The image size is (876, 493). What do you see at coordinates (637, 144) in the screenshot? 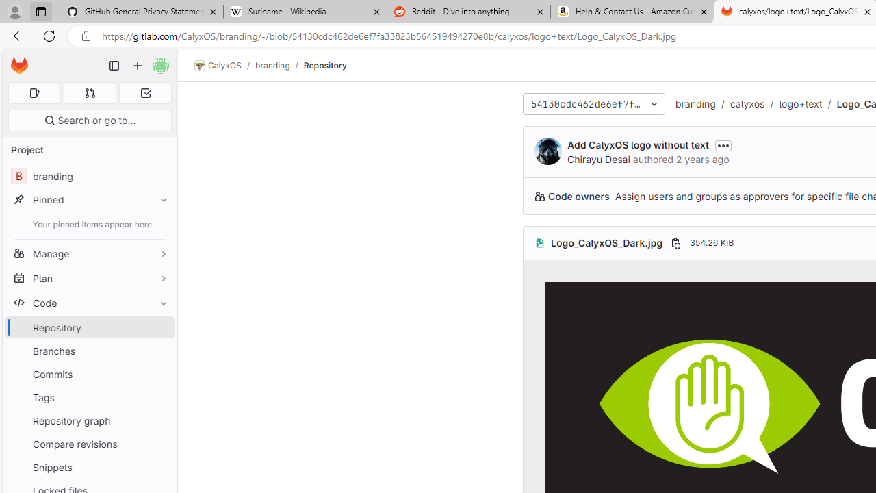
I see `'Add CalyxOS logo without text'` at bounding box center [637, 144].